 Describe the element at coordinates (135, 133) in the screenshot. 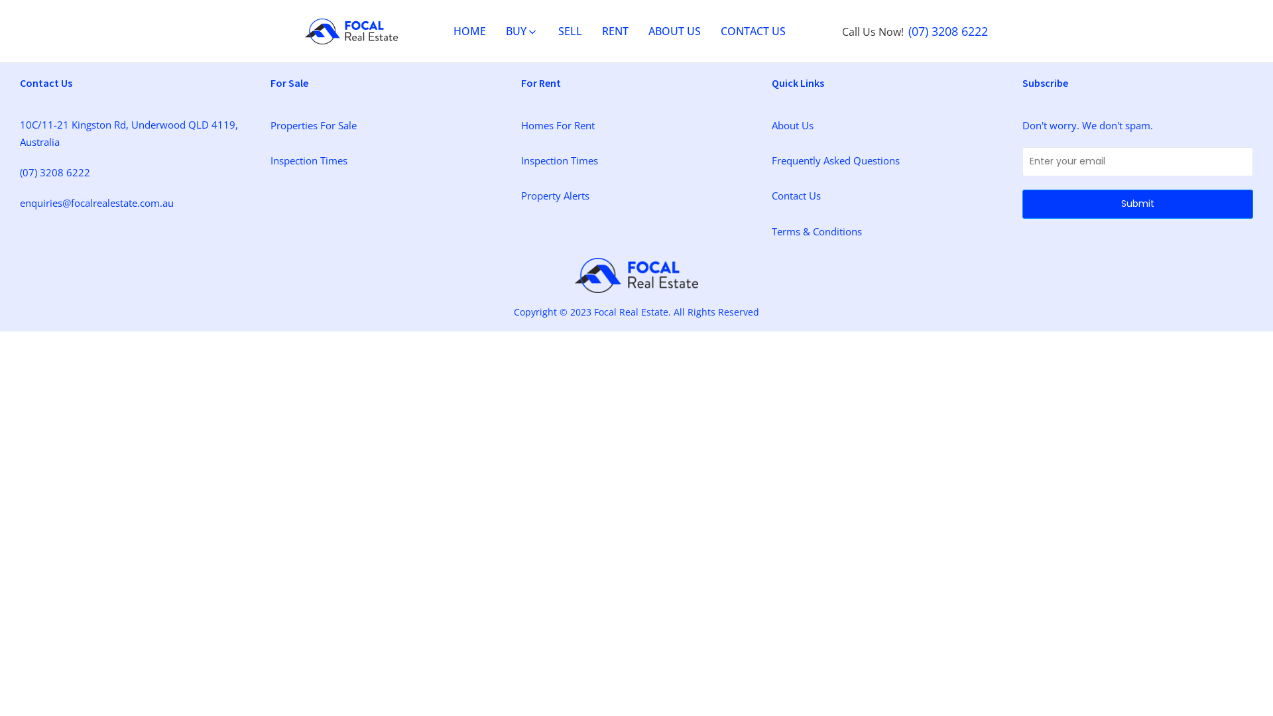

I see `'10C/11-21 Kingston Rd, Underwood QLD 4119, Australia'` at that location.